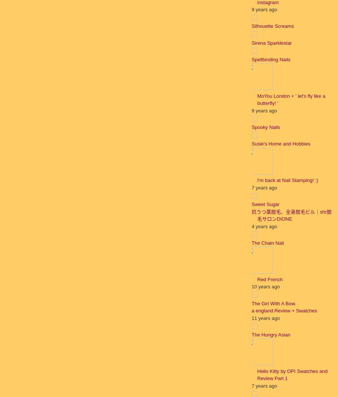 The width and height of the screenshot is (338, 397). Describe the element at coordinates (265, 127) in the screenshot. I see `'Spooky Nails'` at that location.